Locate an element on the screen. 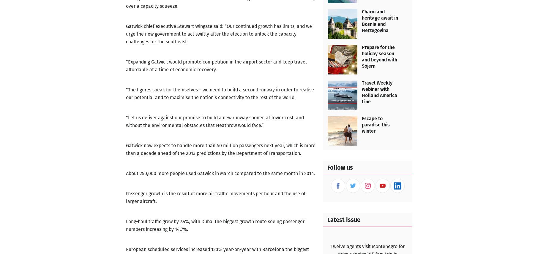 The width and height of the screenshot is (538, 254). 'Travel Weekly webinar with Holland America Line' is located at coordinates (379, 93).